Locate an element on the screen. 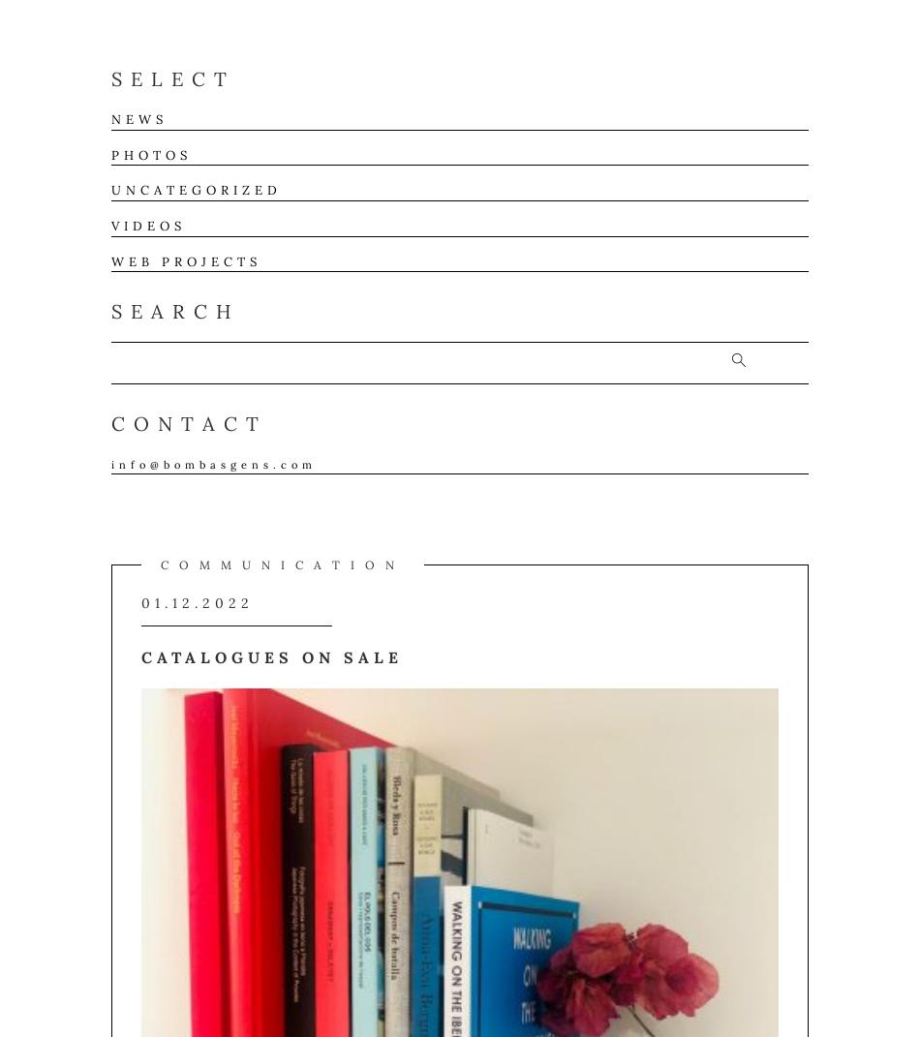 This screenshot has width=920, height=1037. 'Catalogues on sale' is located at coordinates (271, 656).